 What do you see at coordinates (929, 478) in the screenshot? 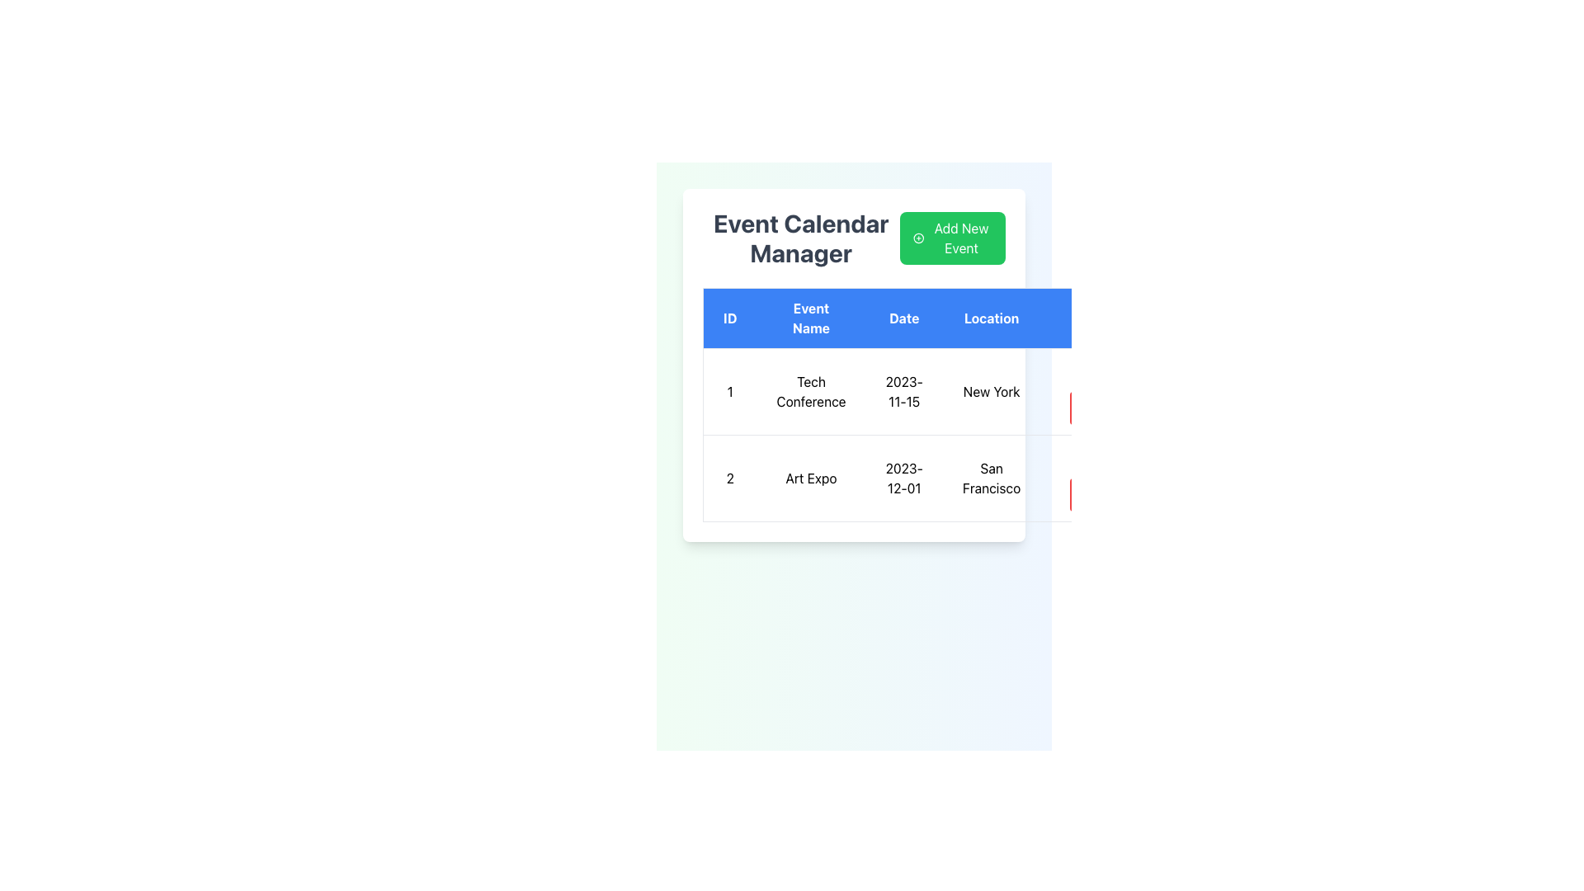
I see `the second row` at bounding box center [929, 478].